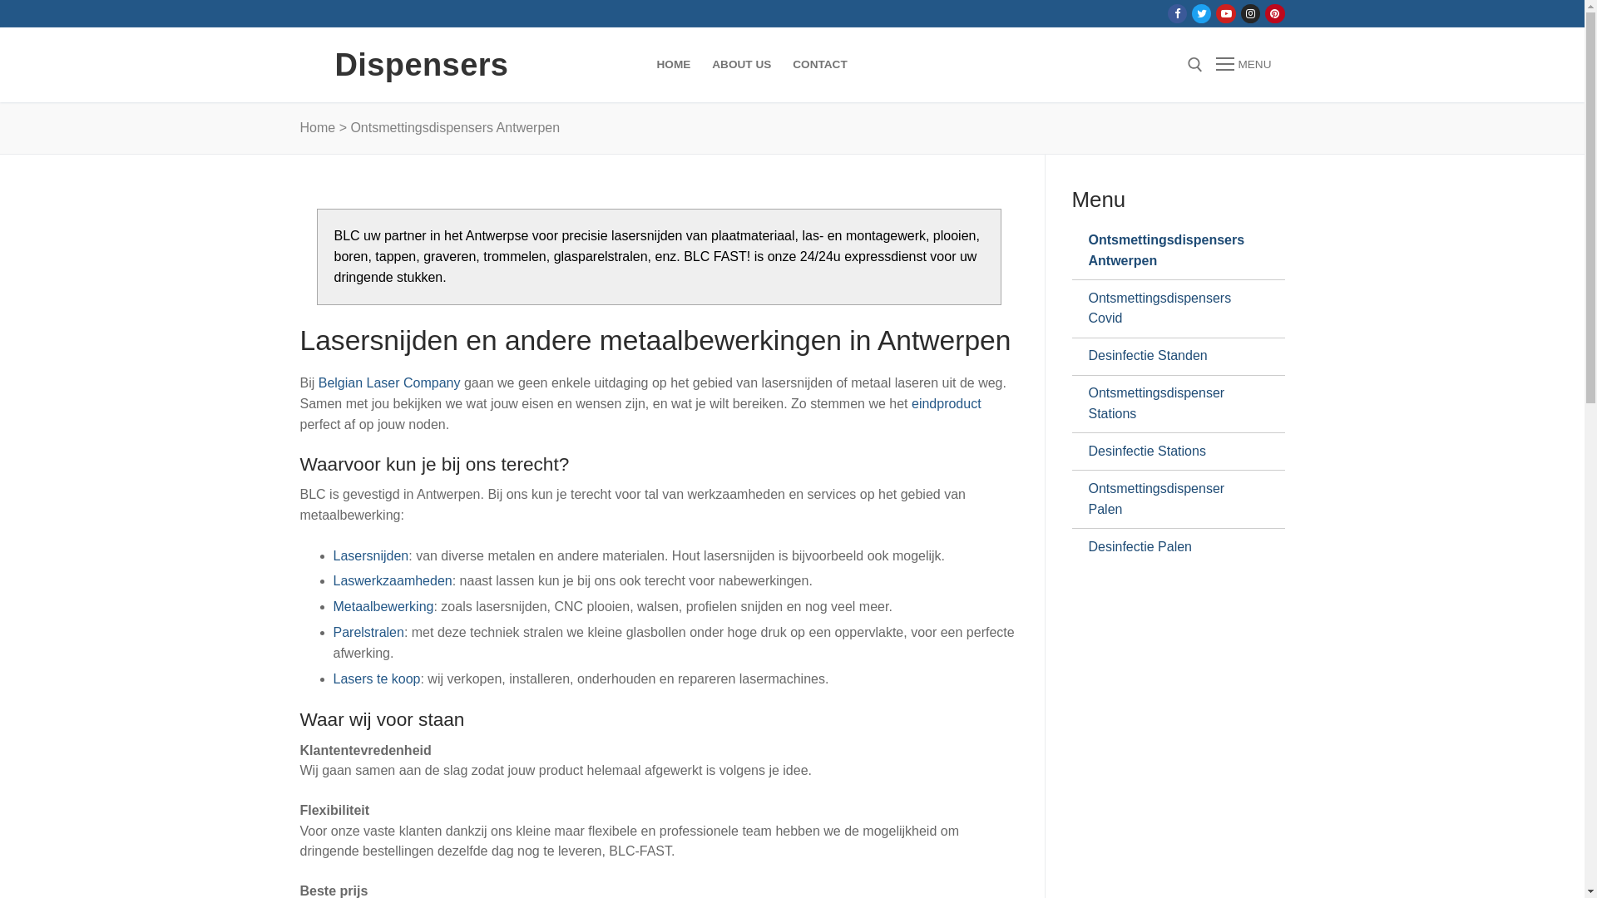 This screenshot has height=898, width=1597. I want to click on 'Naar de inhoud springen', so click(0, 0).